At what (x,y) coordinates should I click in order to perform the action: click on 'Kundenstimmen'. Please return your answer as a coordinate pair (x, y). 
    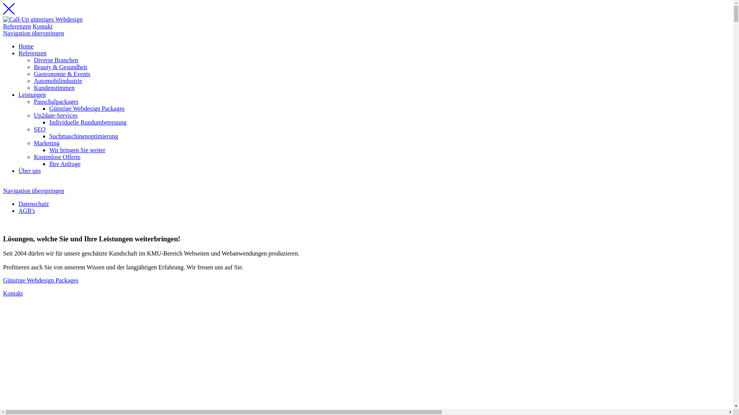
    Looking at the image, I should click on (54, 87).